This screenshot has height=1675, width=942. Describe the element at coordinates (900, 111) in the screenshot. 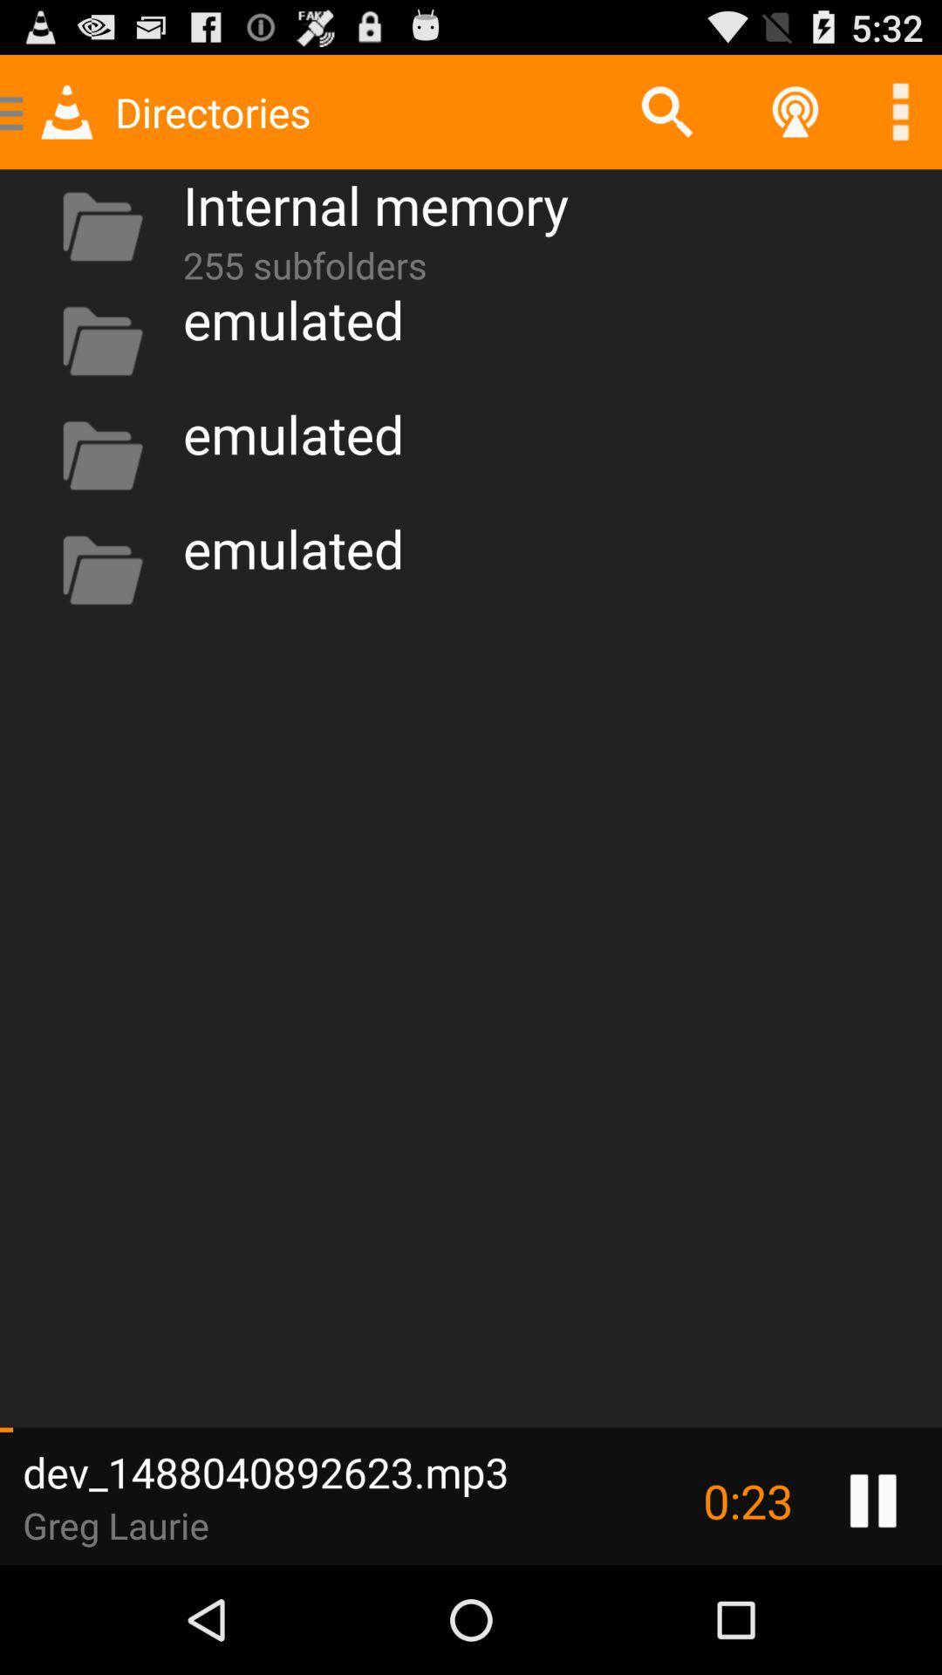

I see `see more options` at that location.